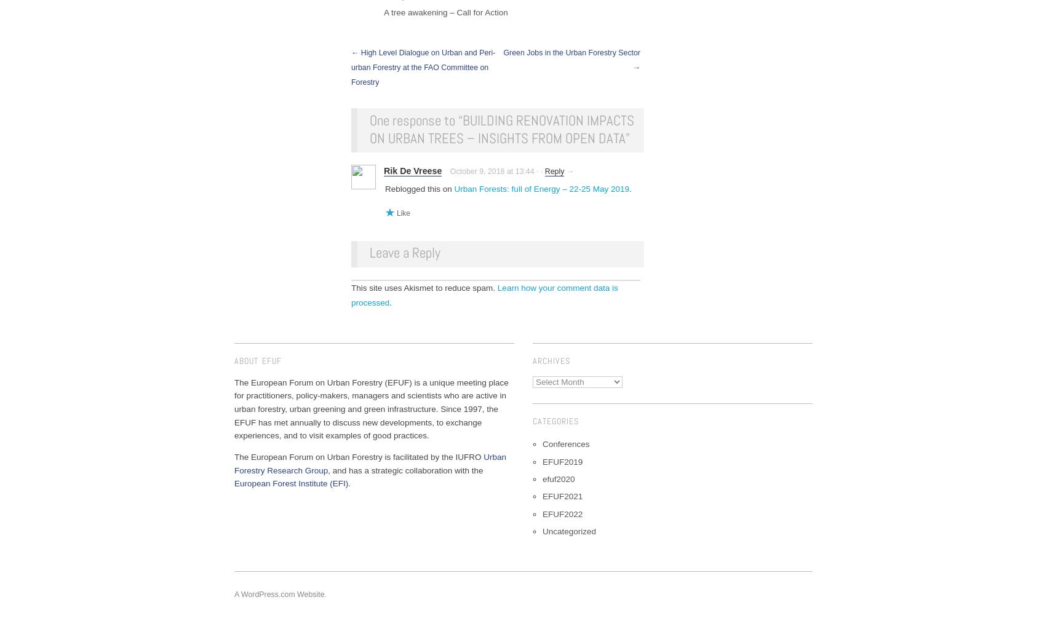  What do you see at coordinates (562, 461) in the screenshot?
I see `'EFUF2019'` at bounding box center [562, 461].